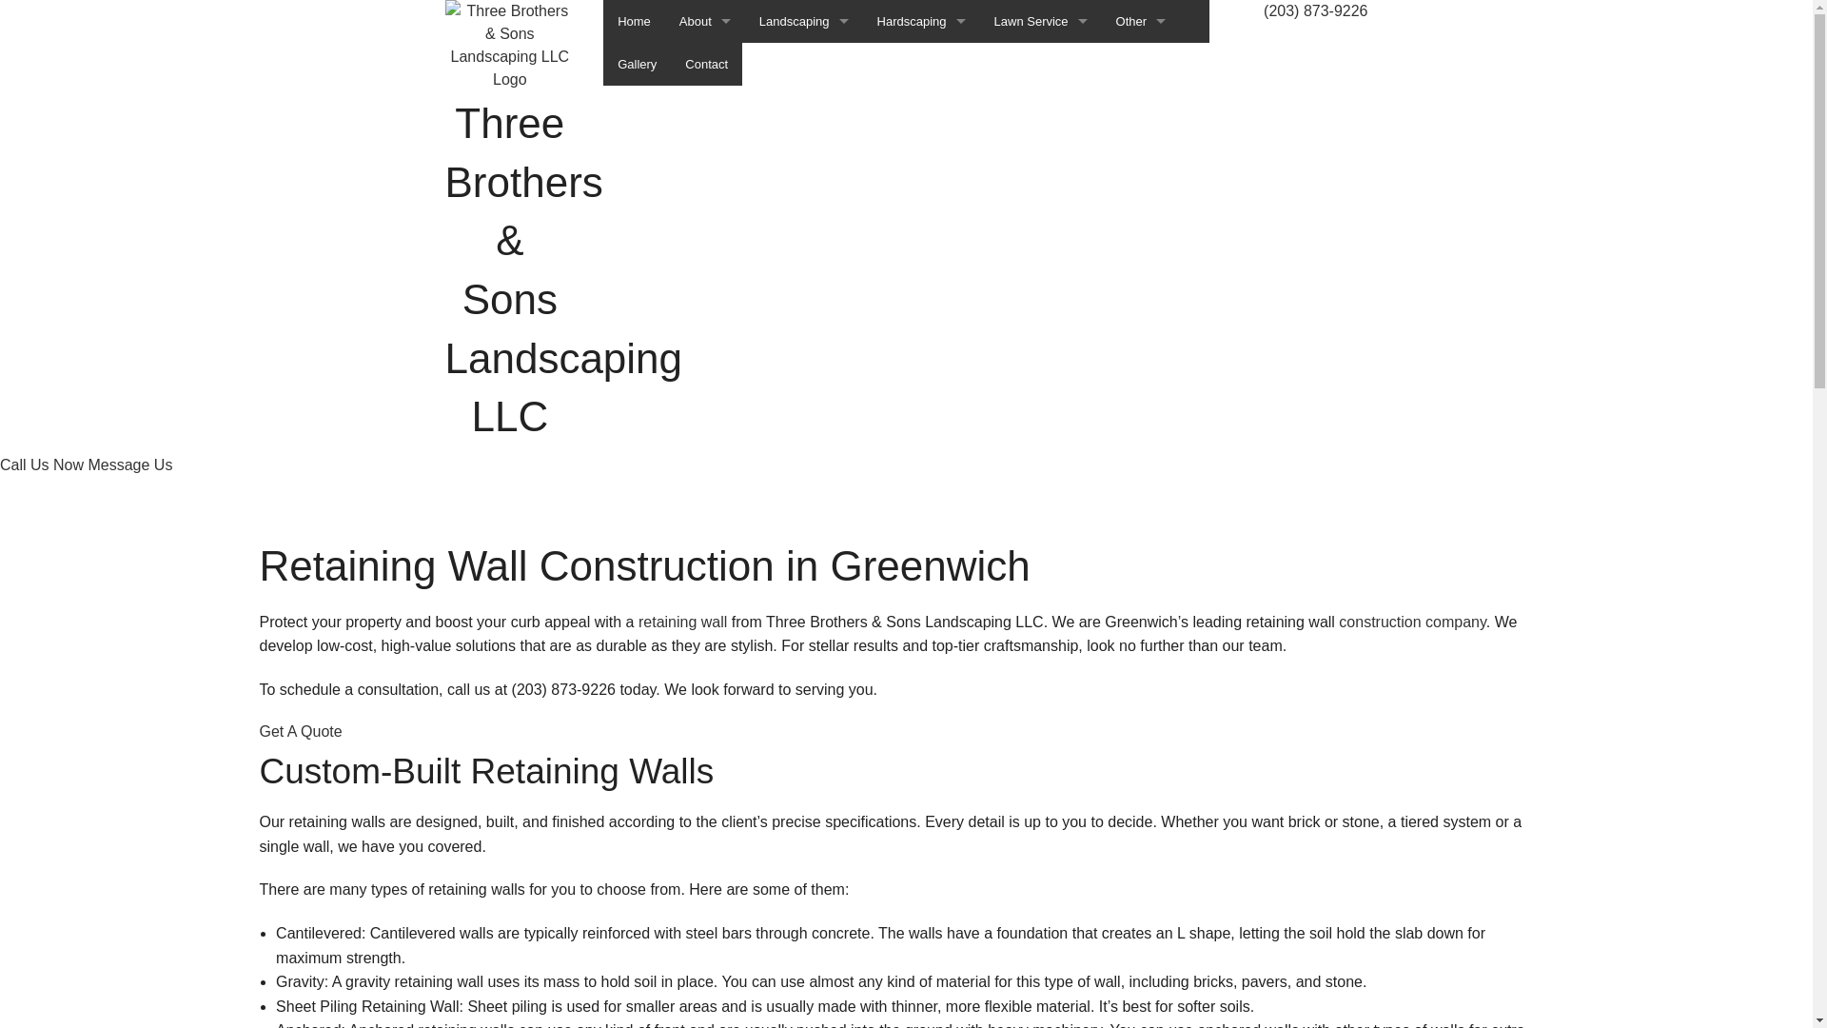  I want to click on 'Leaf Removal', so click(1141, 706).